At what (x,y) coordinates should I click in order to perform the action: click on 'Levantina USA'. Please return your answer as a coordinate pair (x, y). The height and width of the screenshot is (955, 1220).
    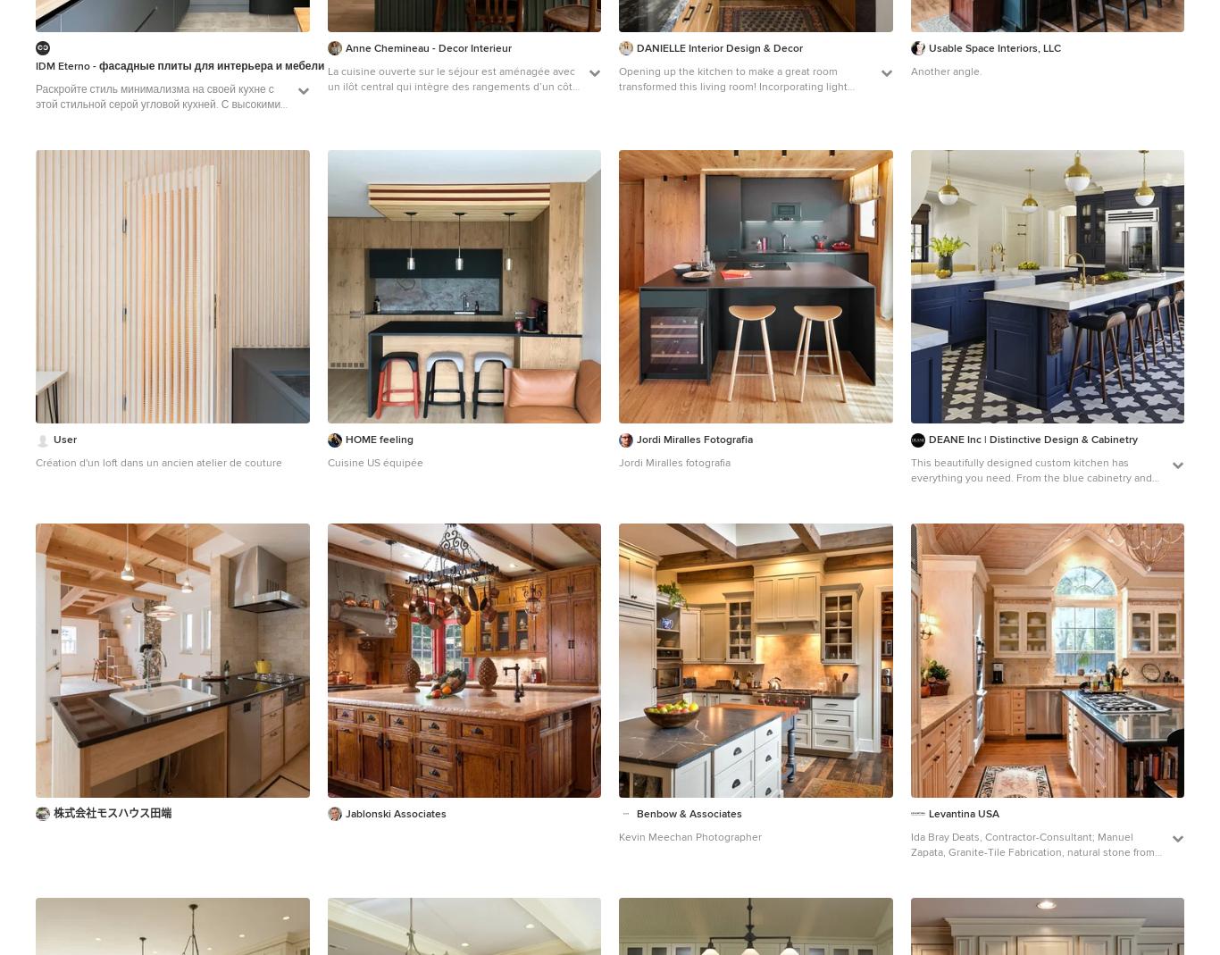
    Looking at the image, I should click on (926, 812).